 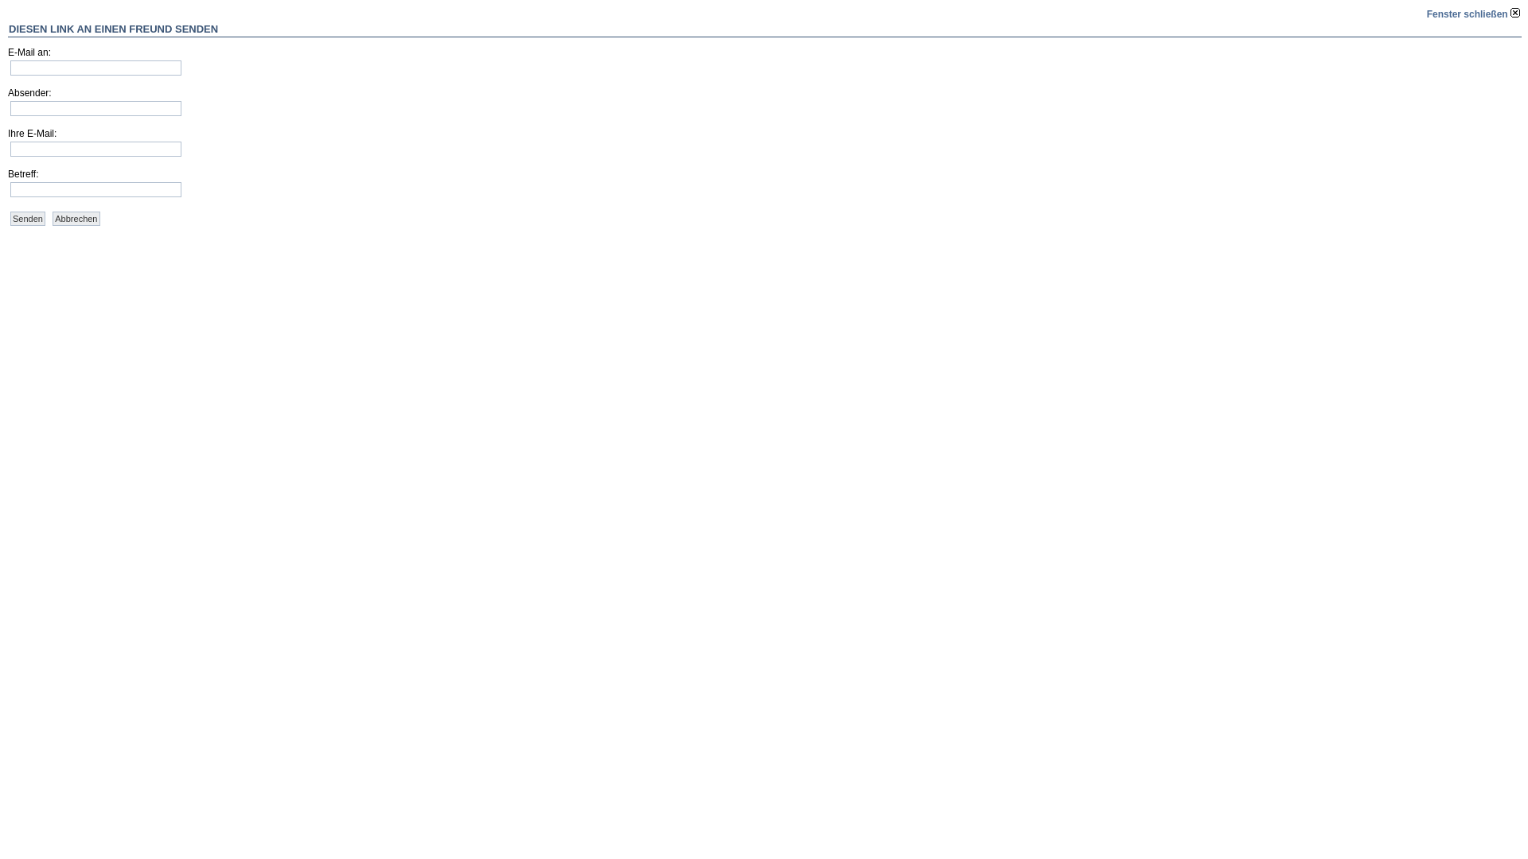 I want to click on 'Senden', so click(x=10, y=218).